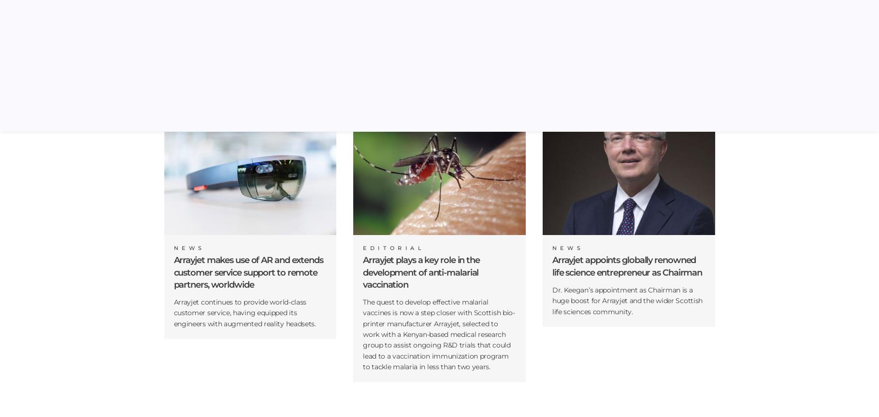 This screenshot has width=879, height=417. What do you see at coordinates (434, 43) in the screenshot?
I see `'APG gear up for extended customer support in China'` at bounding box center [434, 43].